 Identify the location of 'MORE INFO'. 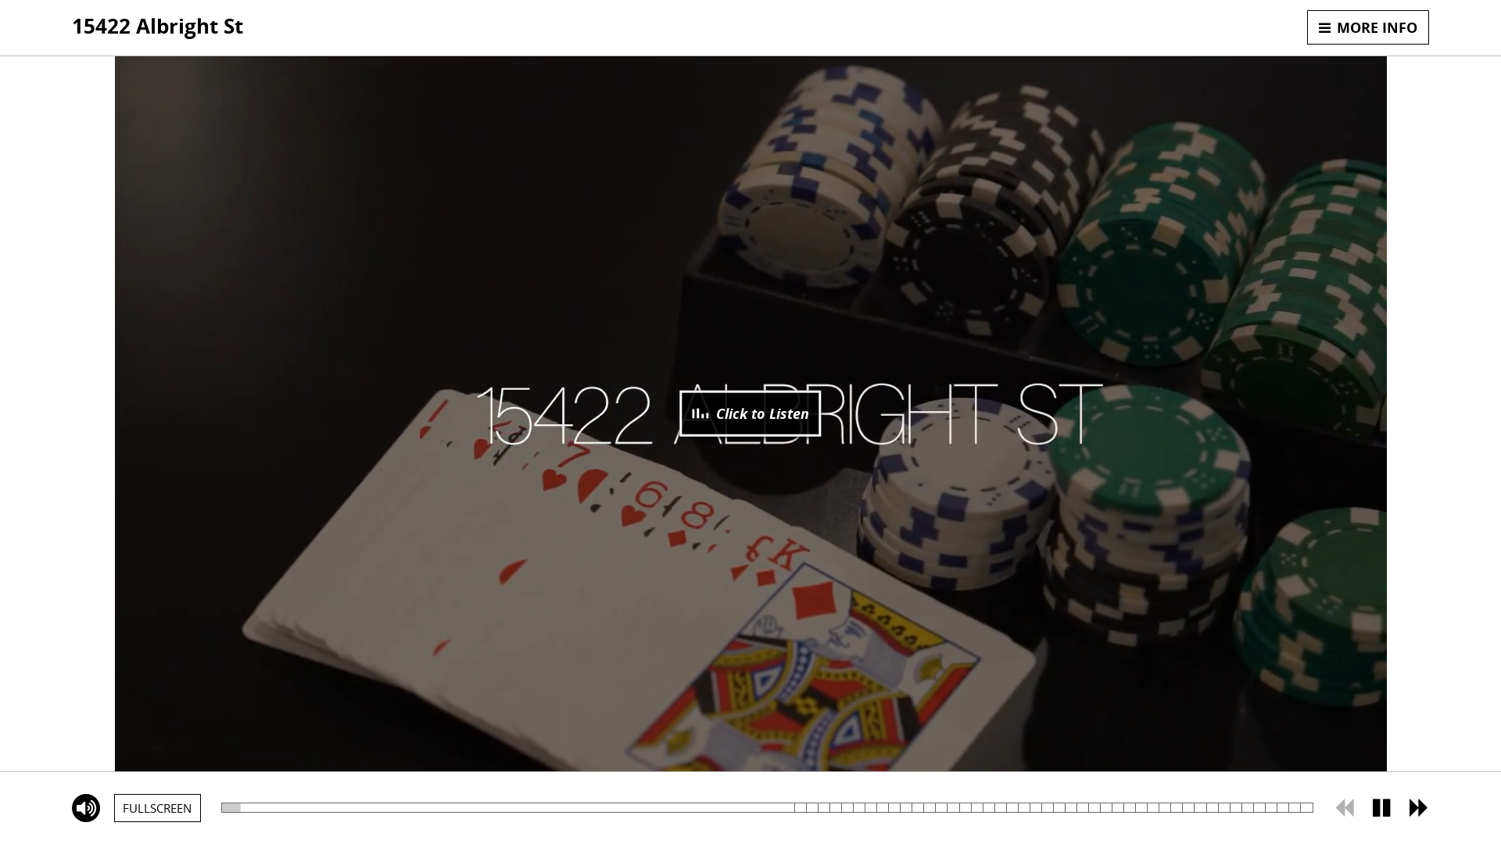
(1367, 27).